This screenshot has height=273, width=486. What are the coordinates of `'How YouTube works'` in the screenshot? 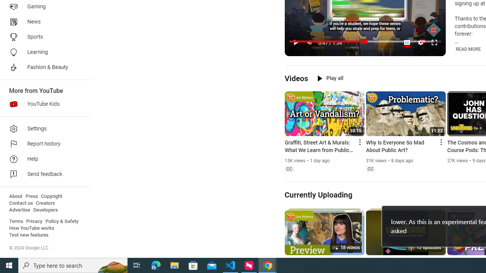 It's located at (31, 228).